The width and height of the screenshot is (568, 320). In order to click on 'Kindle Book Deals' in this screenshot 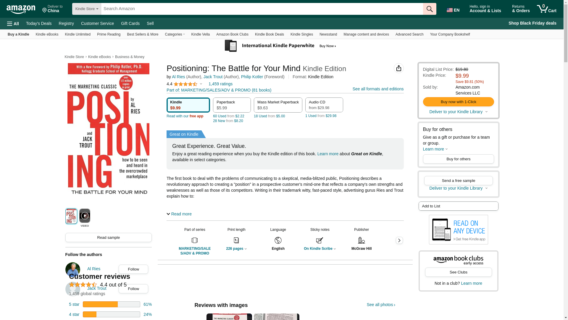, I will do `click(269, 34)`.